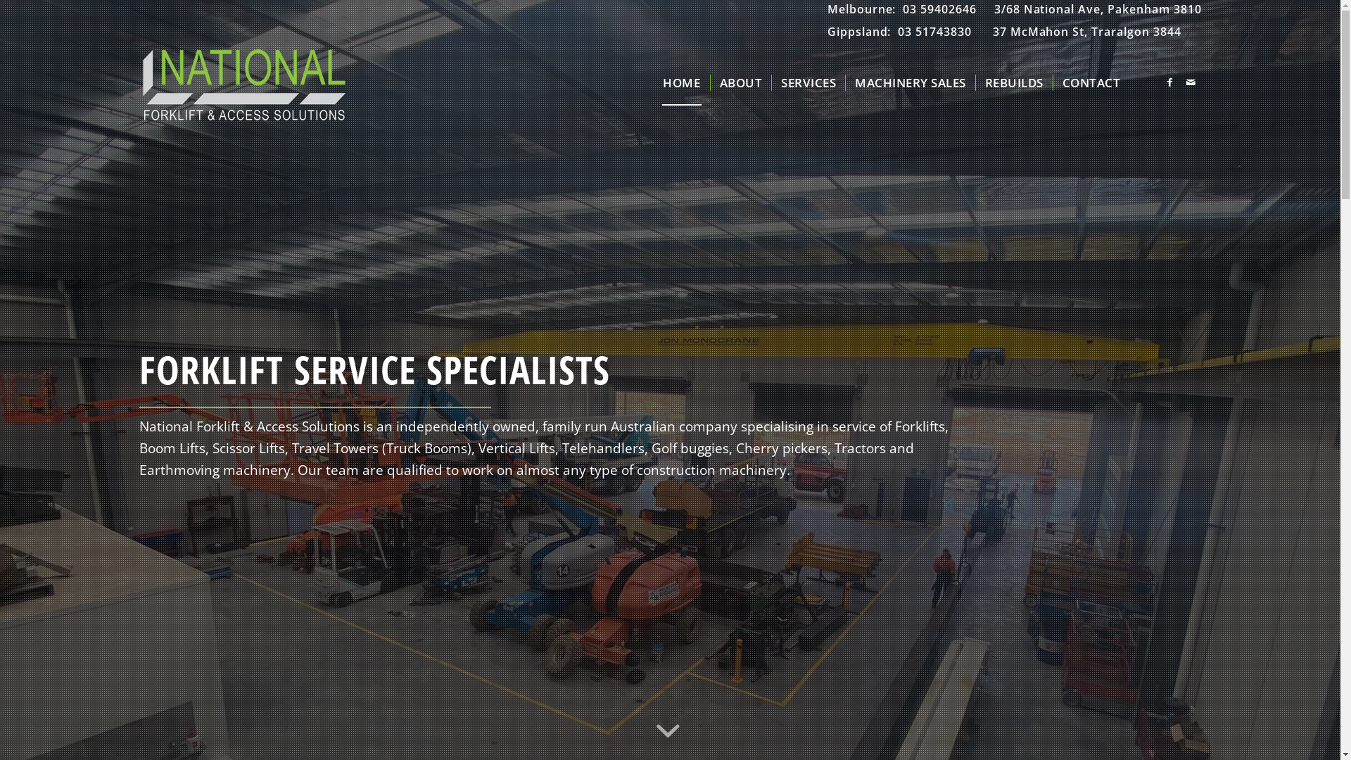  What do you see at coordinates (681, 83) in the screenshot?
I see `'HOME'` at bounding box center [681, 83].